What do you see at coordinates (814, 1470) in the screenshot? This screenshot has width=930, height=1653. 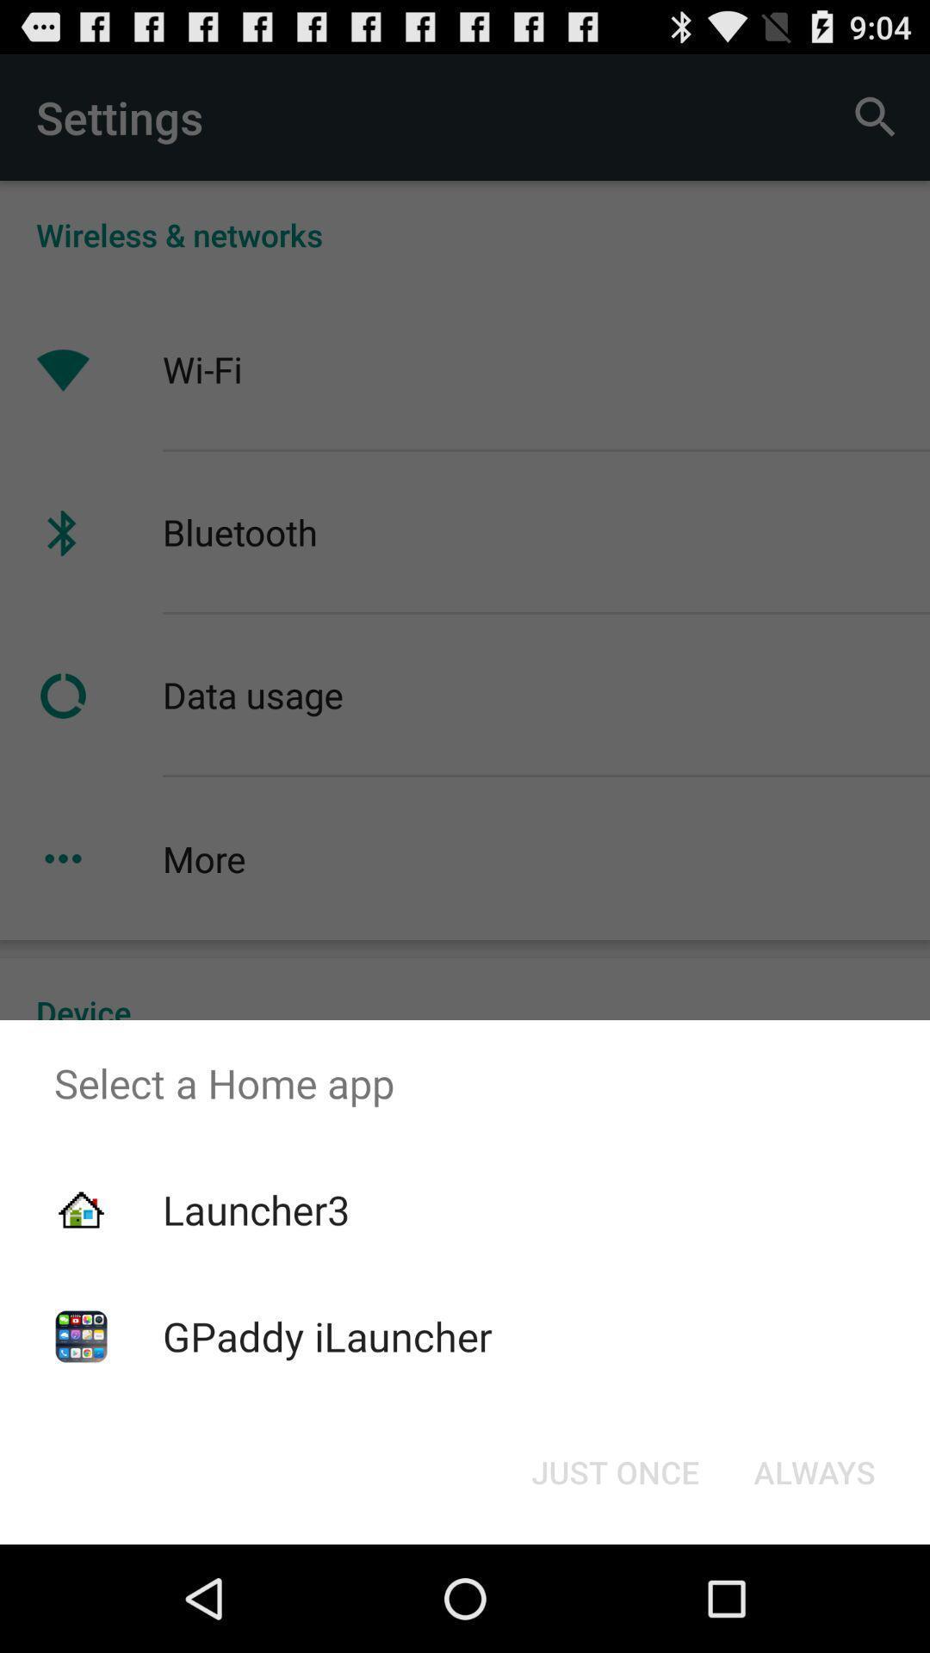 I see `always item` at bounding box center [814, 1470].